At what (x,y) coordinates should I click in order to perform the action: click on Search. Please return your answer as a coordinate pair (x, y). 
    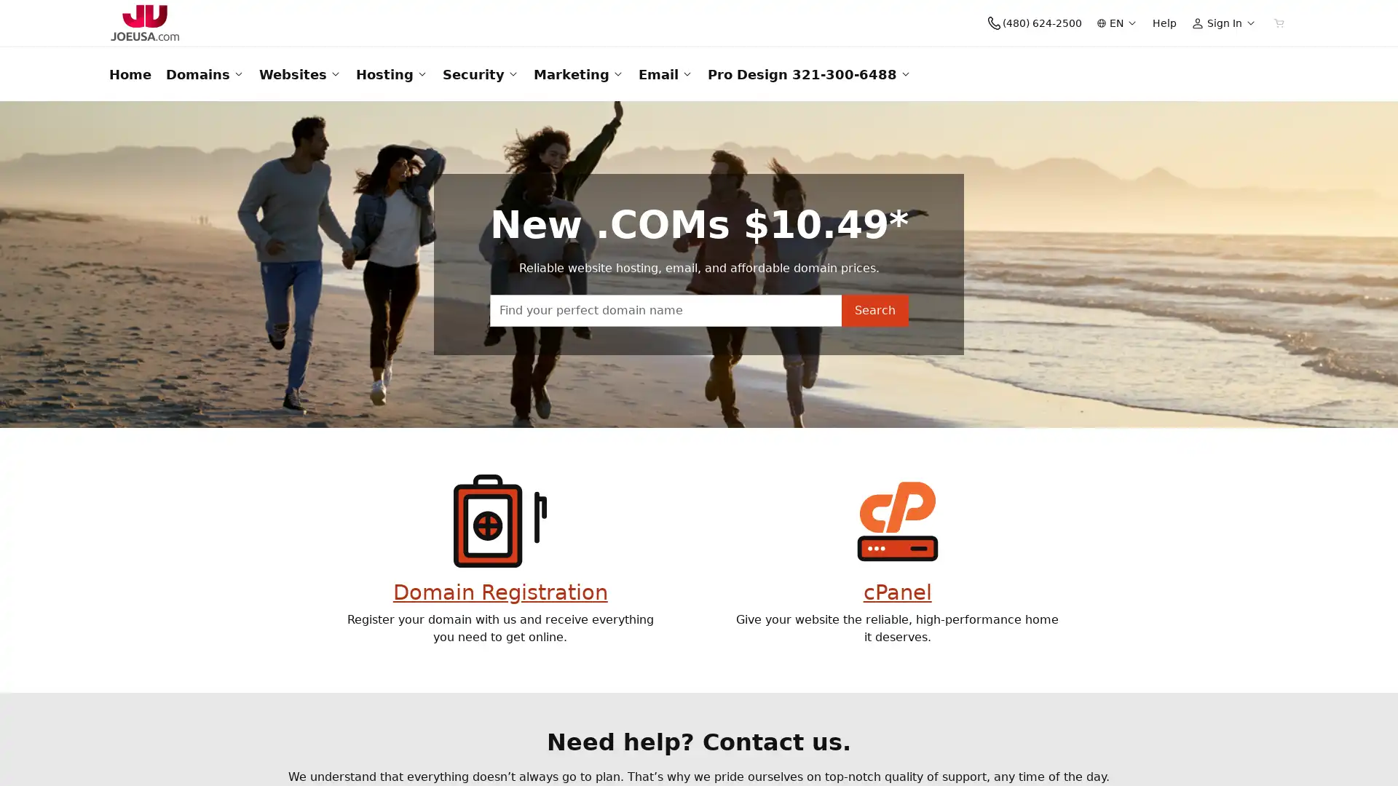
    Looking at the image, I should click on (874, 368).